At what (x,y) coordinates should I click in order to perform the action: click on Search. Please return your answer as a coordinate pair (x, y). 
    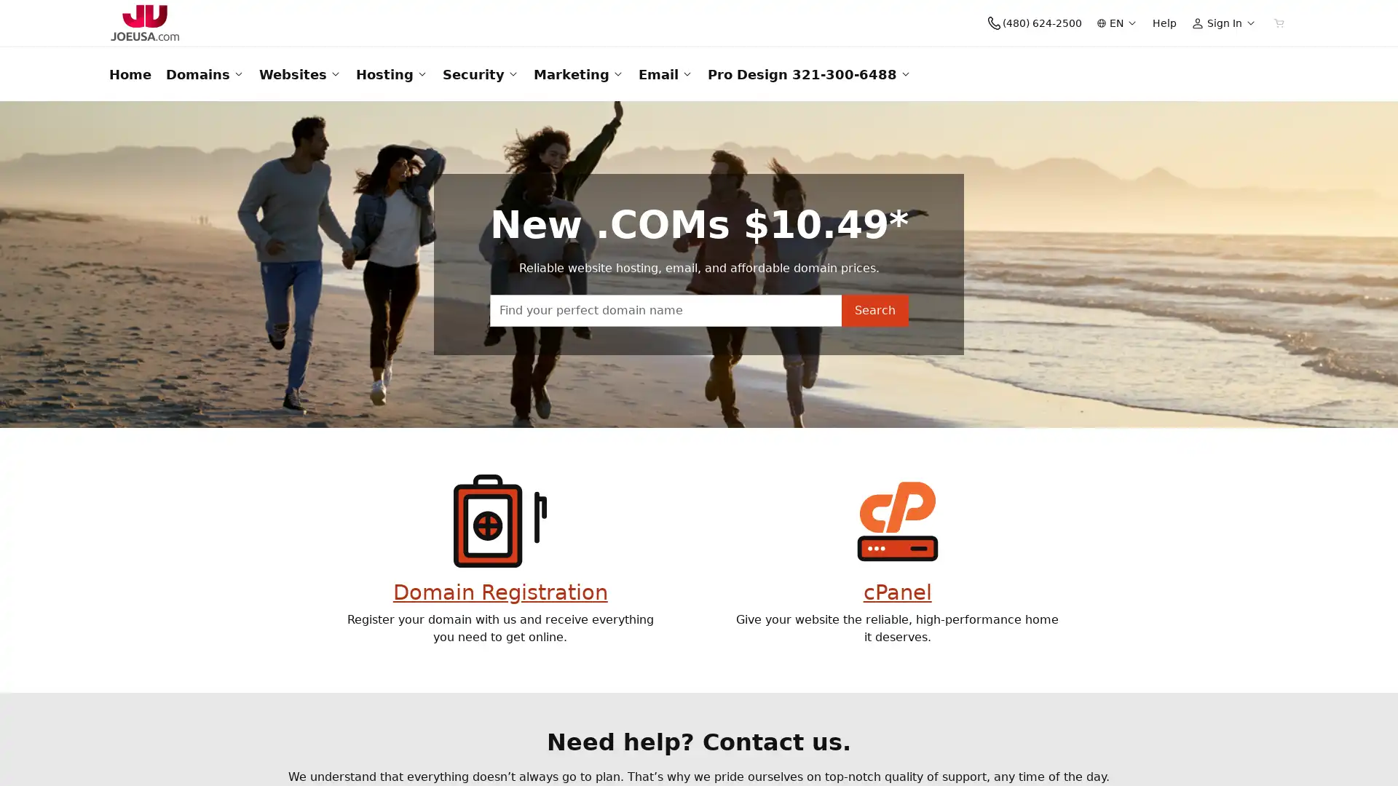
    Looking at the image, I should click on (874, 368).